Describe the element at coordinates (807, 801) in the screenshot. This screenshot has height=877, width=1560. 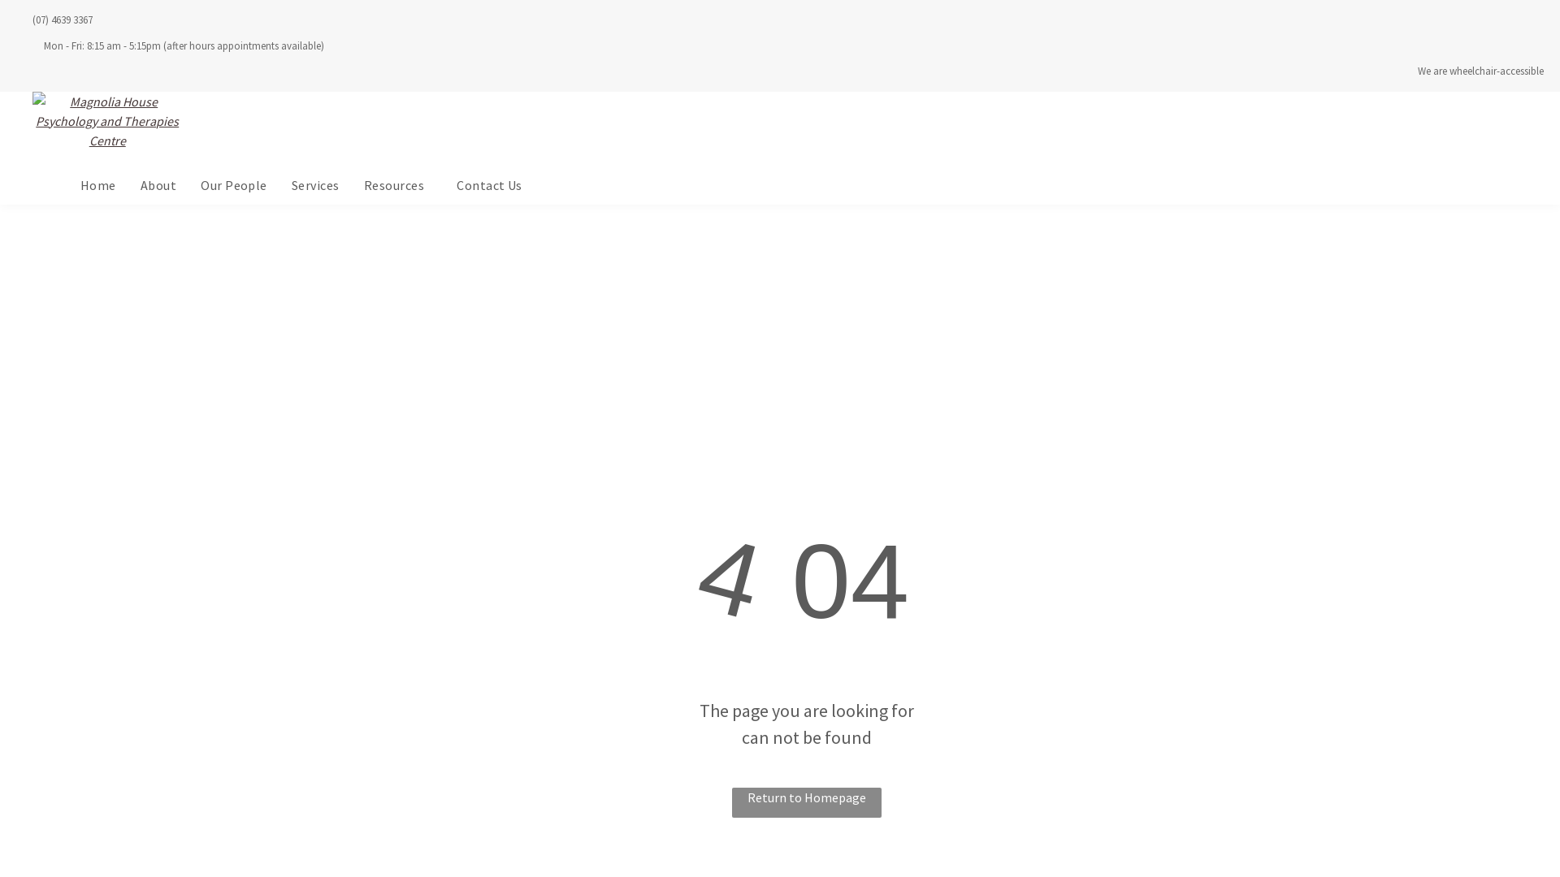
I see `'Return to Homepage'` at that location.